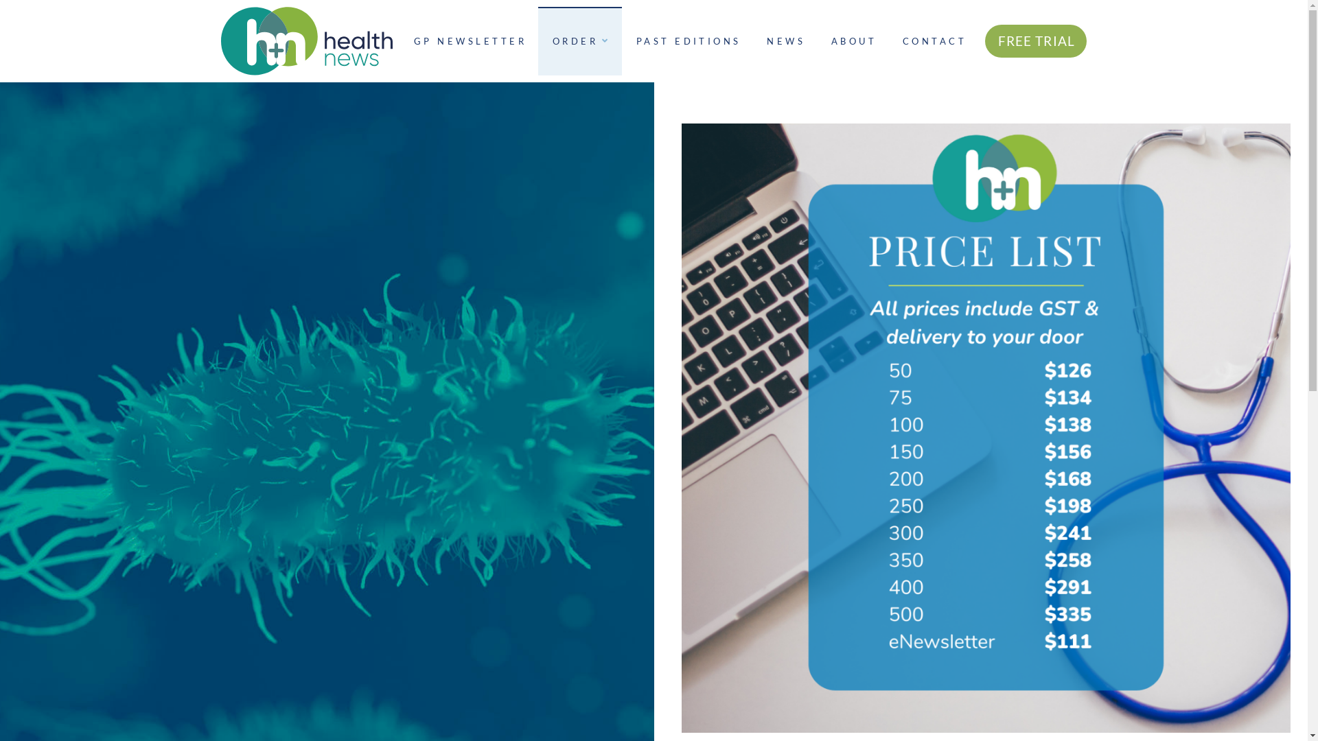 The width and height of the screenshot is (1318, 741). I want to click on 'PAST EDITIONS', so click(687, 40).